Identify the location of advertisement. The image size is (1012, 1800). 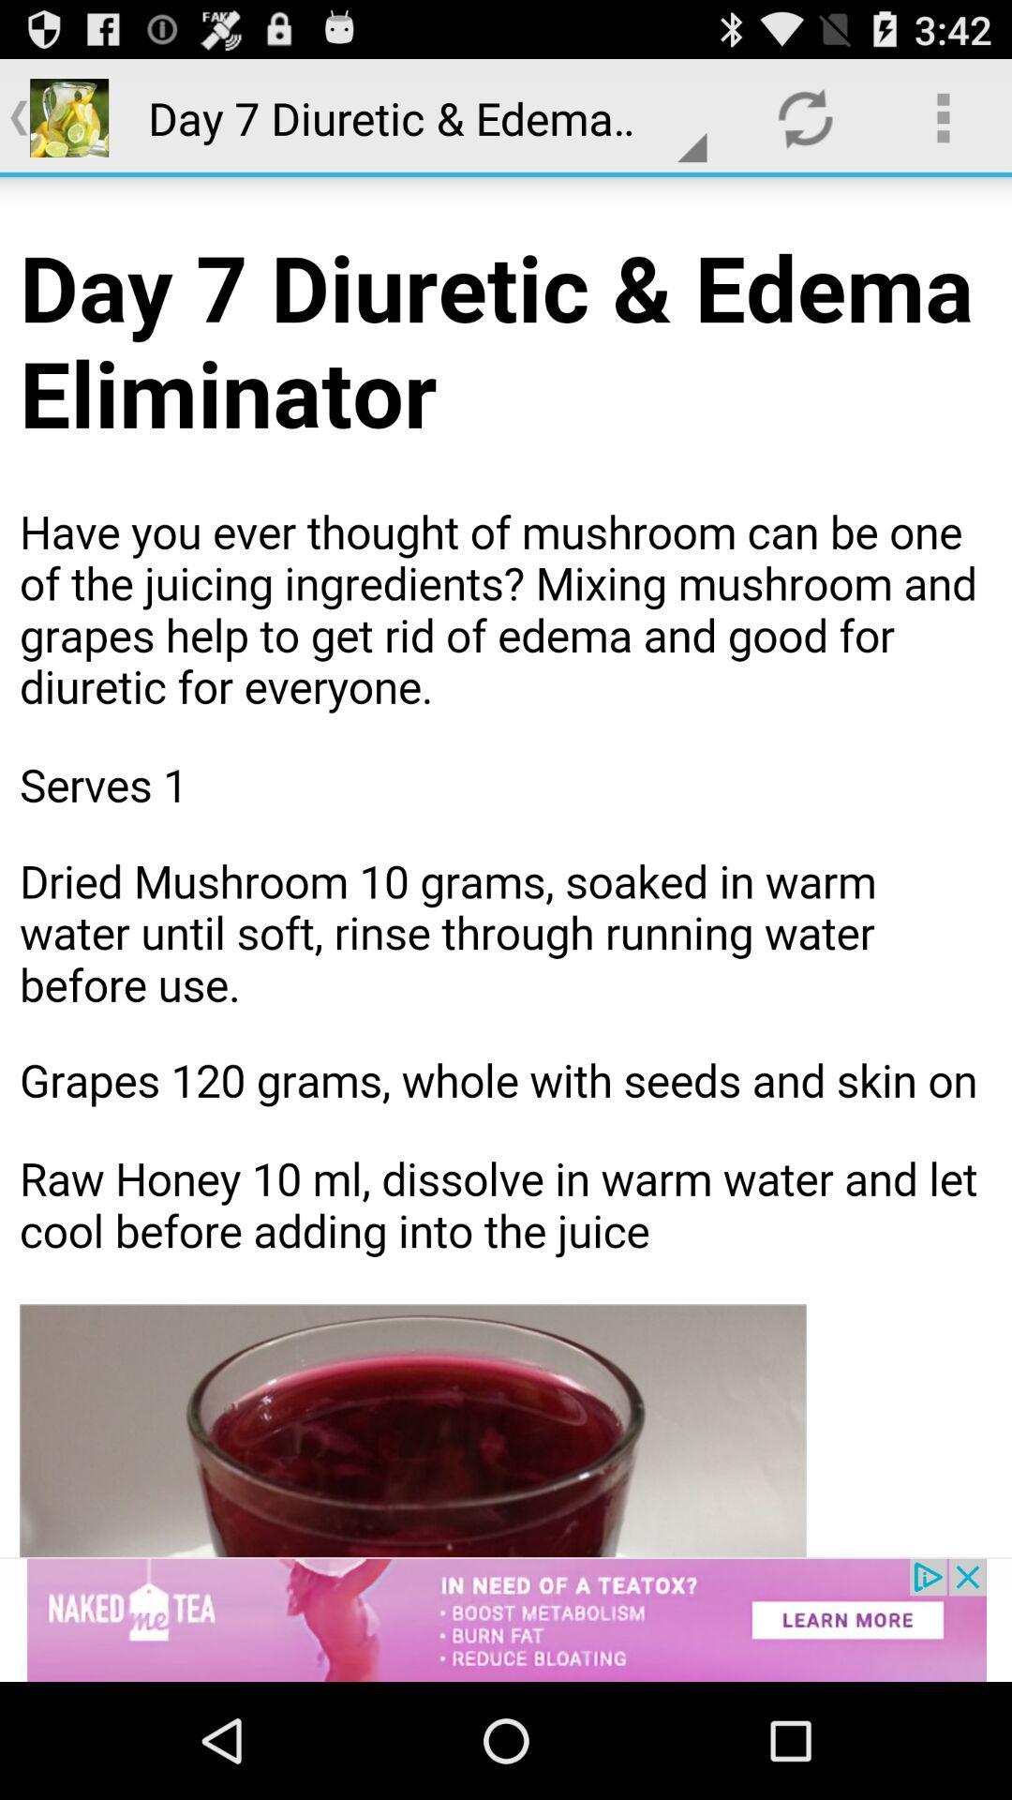
(506, 1619).